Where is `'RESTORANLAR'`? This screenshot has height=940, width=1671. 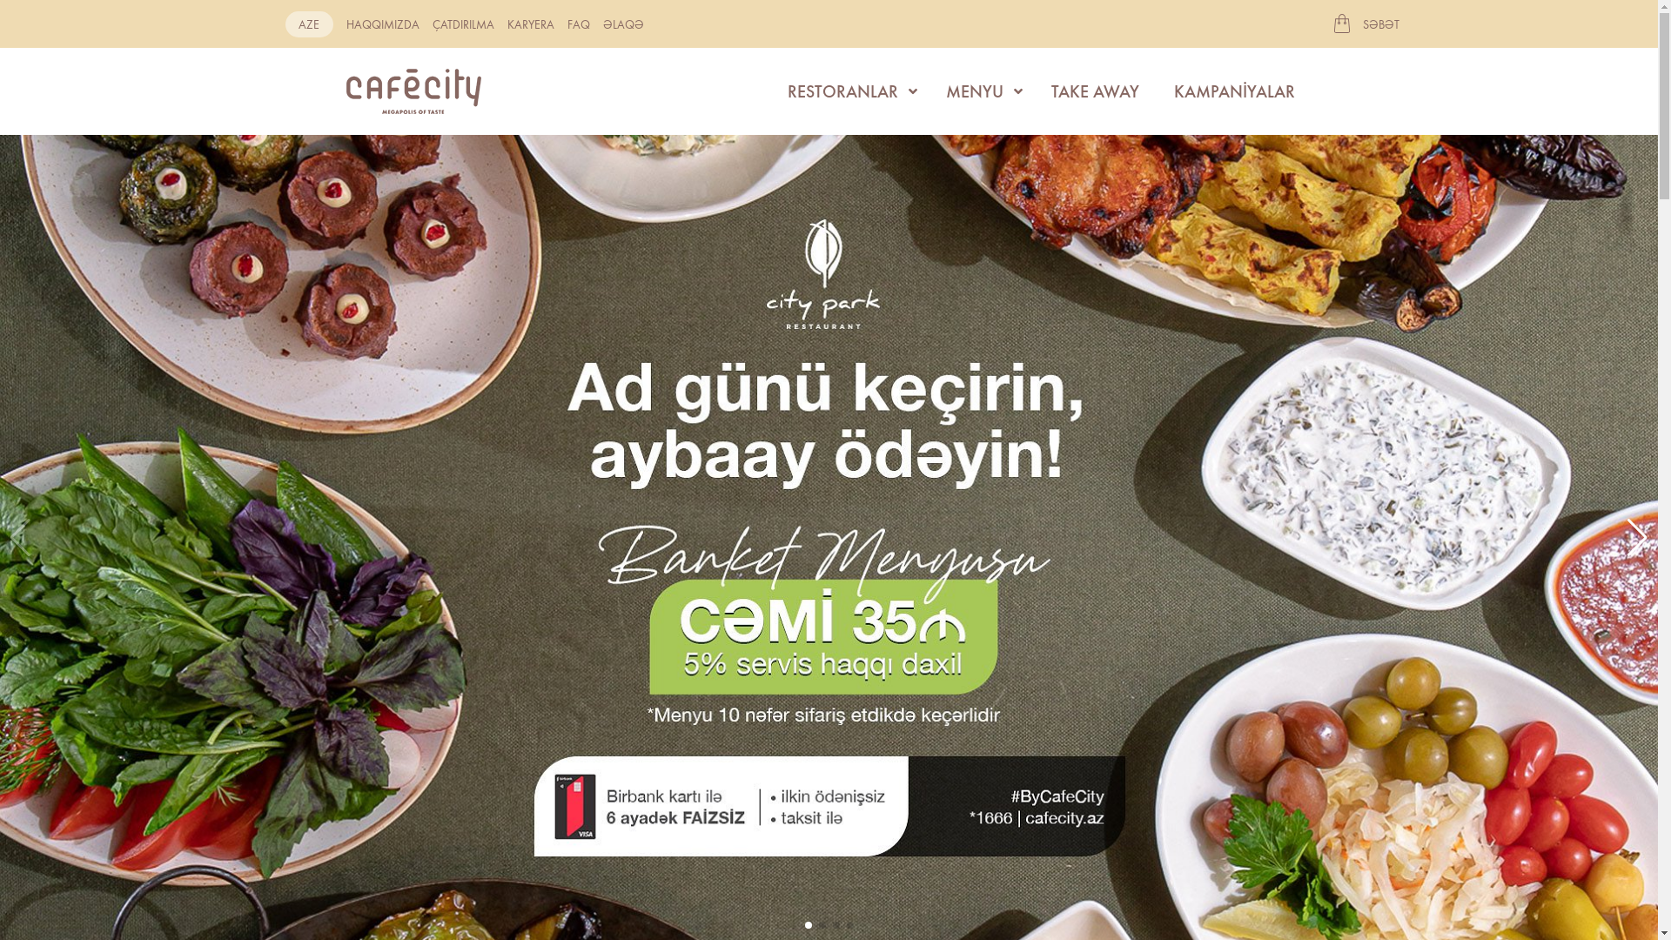
'RESTORANLAR' is located at coordinates (848, 91).